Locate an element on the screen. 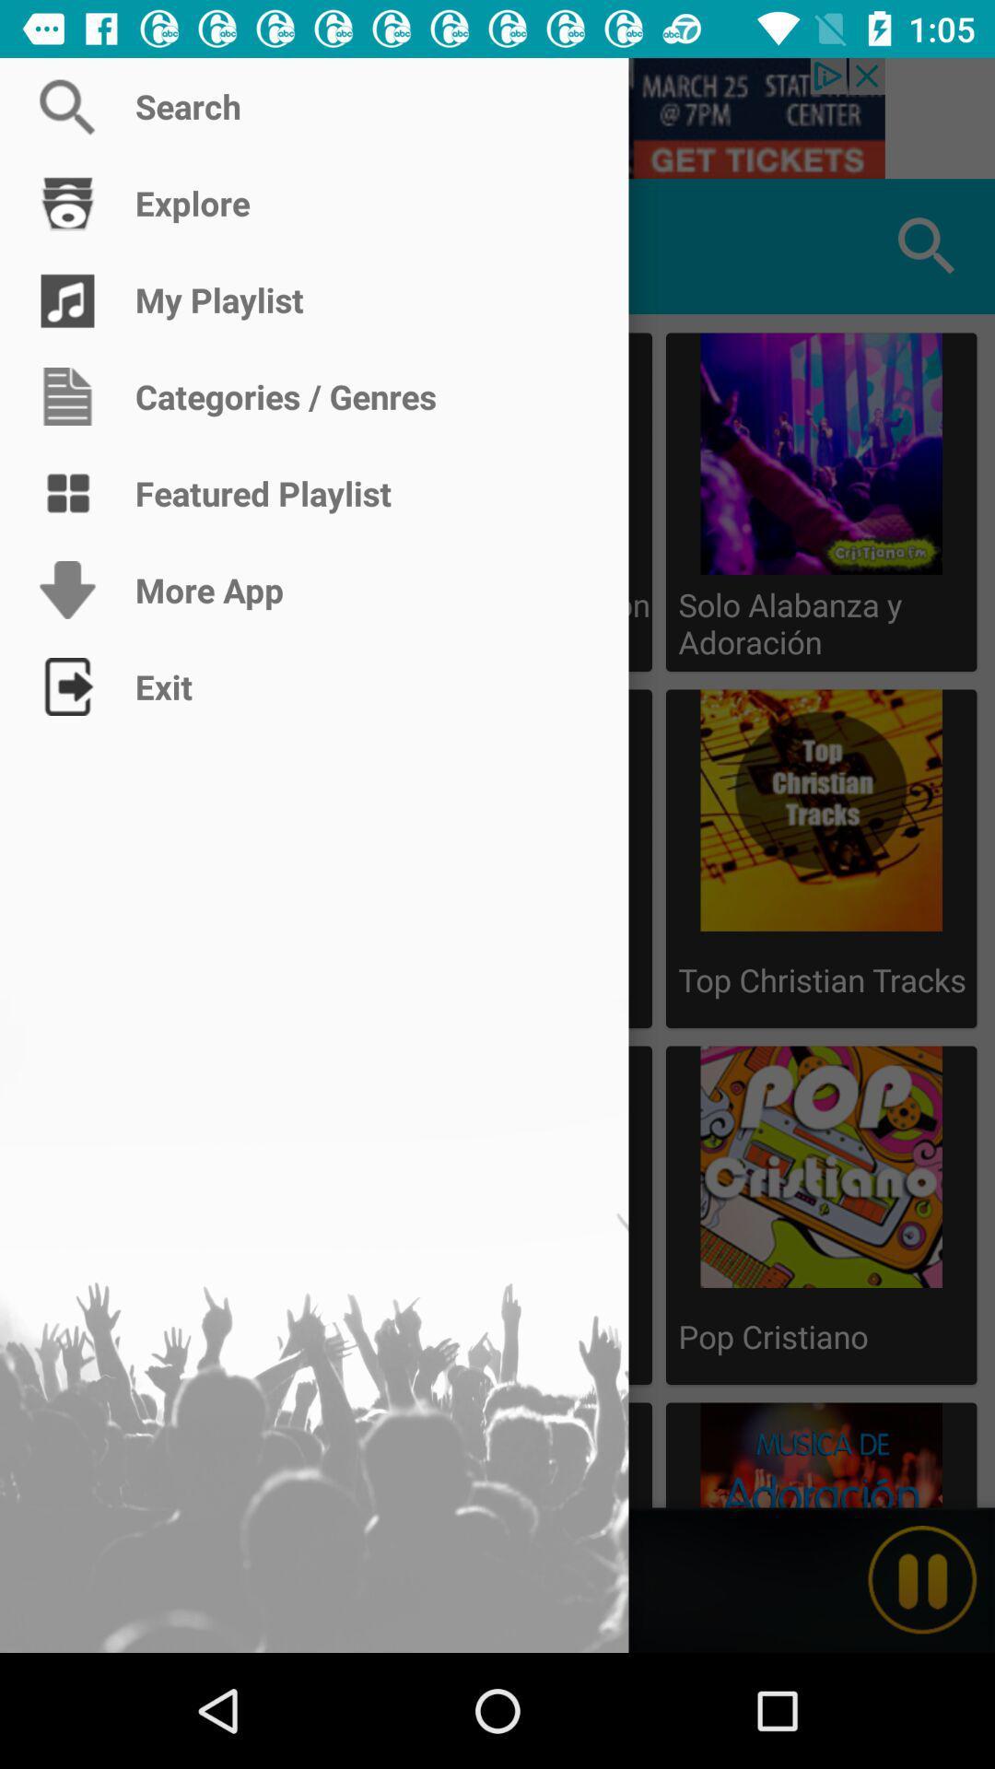 This screenshot has width=995, height=1769. the pause icon is located at coordinates (922, 1579).